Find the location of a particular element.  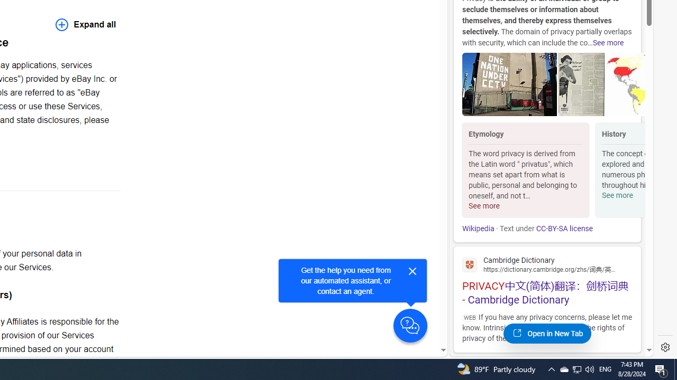

'Cambridge Dictionary' is located at coordinates (547, 263).